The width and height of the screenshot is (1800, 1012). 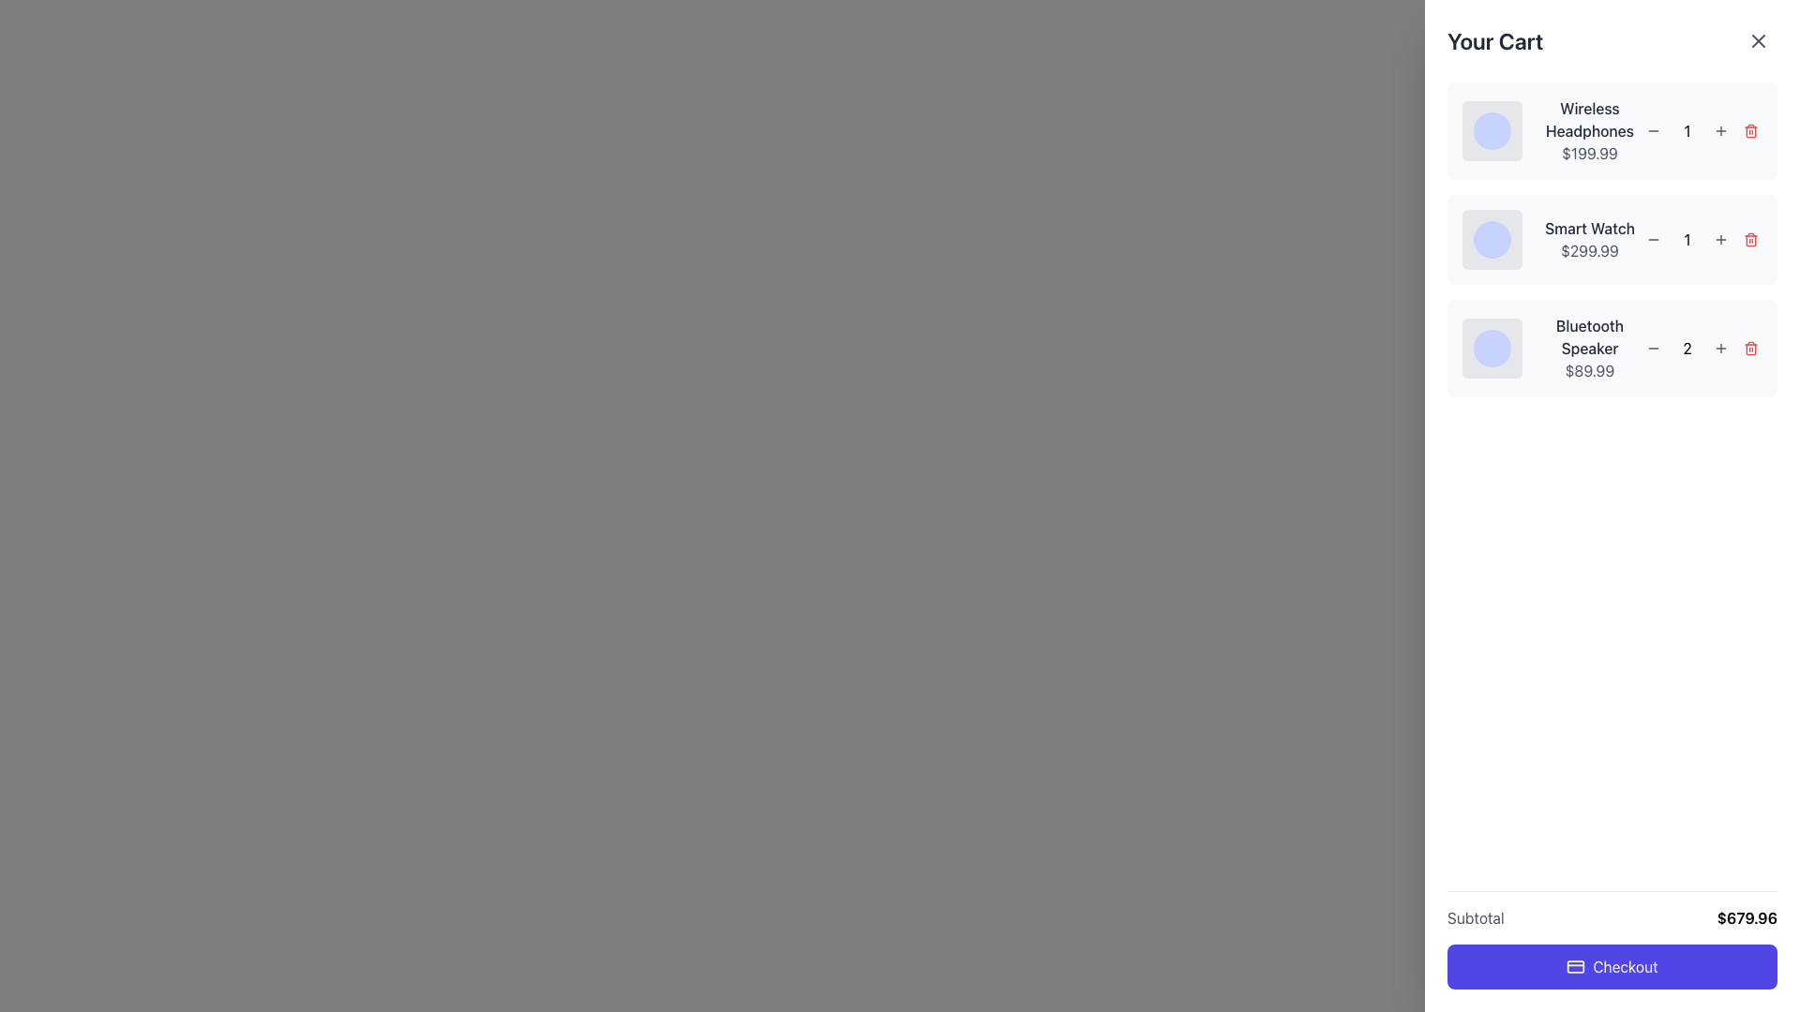 What do you see at coordinates (1749, 129) in the screenshot?
I see `the delete button located at the far-right end of the 'Your Cart' section` at bounding box center [1749, 129].